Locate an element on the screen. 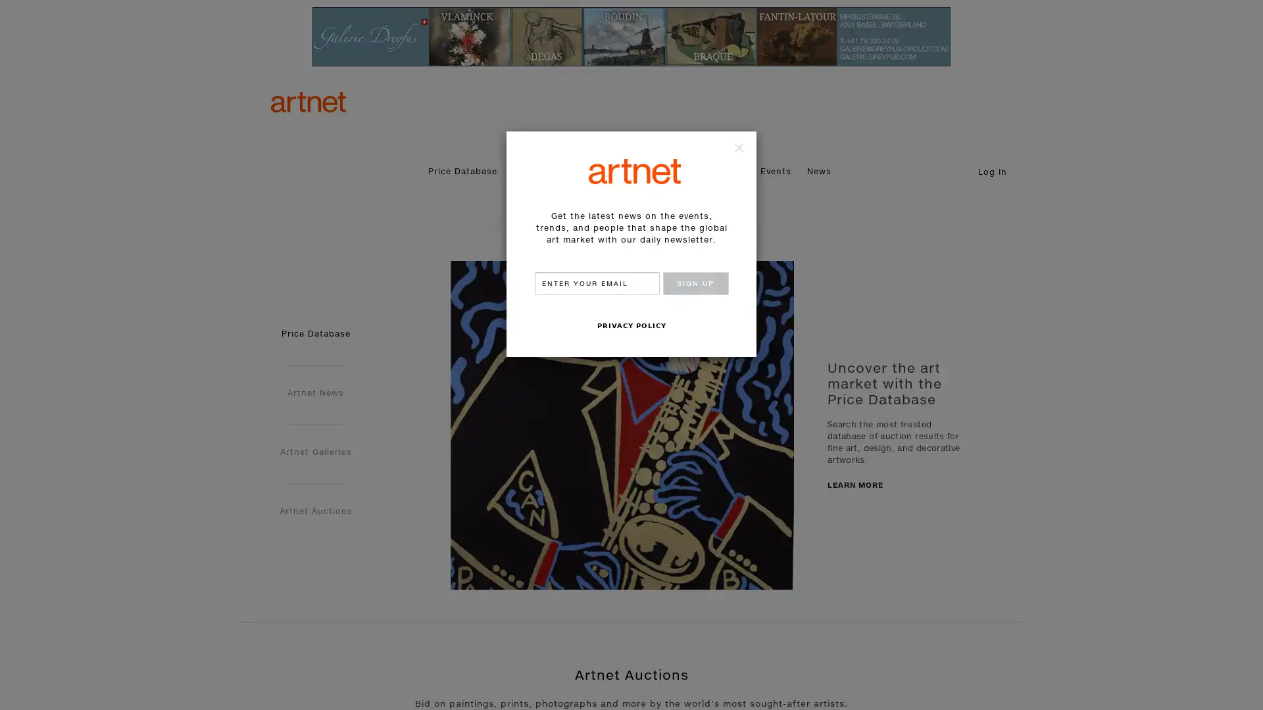  SIGN UP is located at coordinates (694, 283).